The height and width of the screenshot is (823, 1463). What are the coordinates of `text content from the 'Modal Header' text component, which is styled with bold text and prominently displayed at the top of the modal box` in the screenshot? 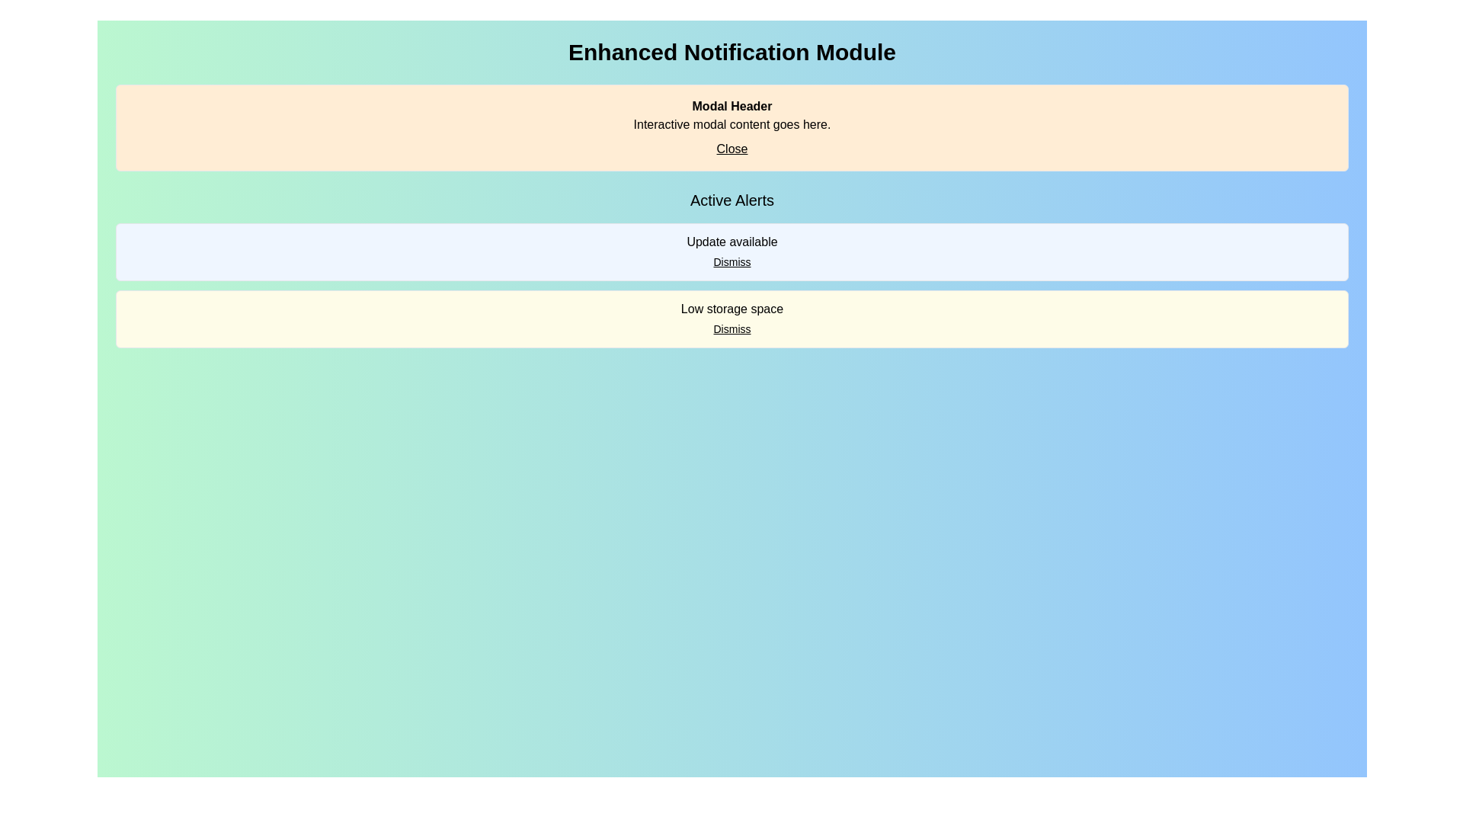 It's located at (731, 105).